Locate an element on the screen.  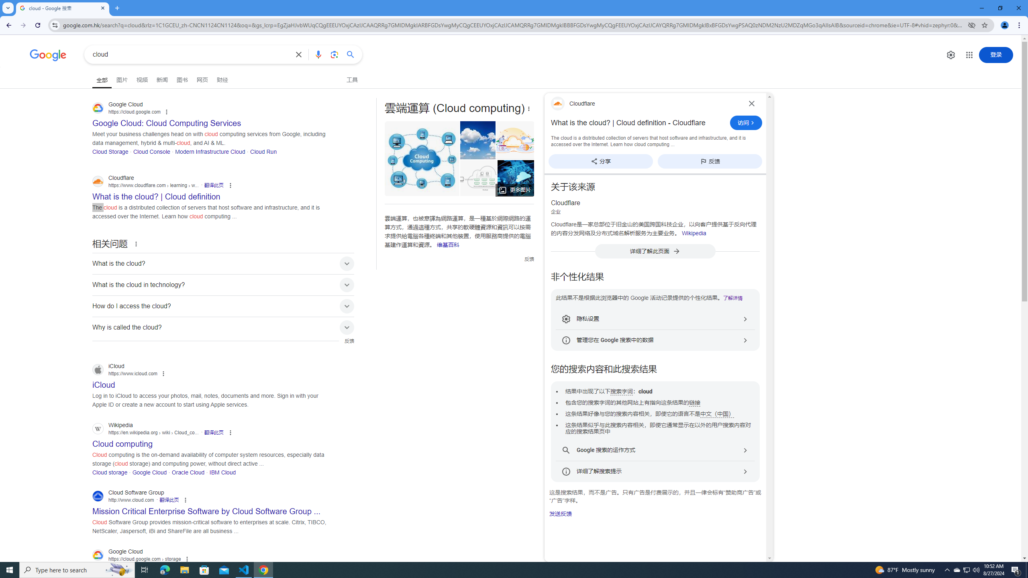
'What is cloud computing? Everything you need to know now ...' is located at coordinates (516, 178).